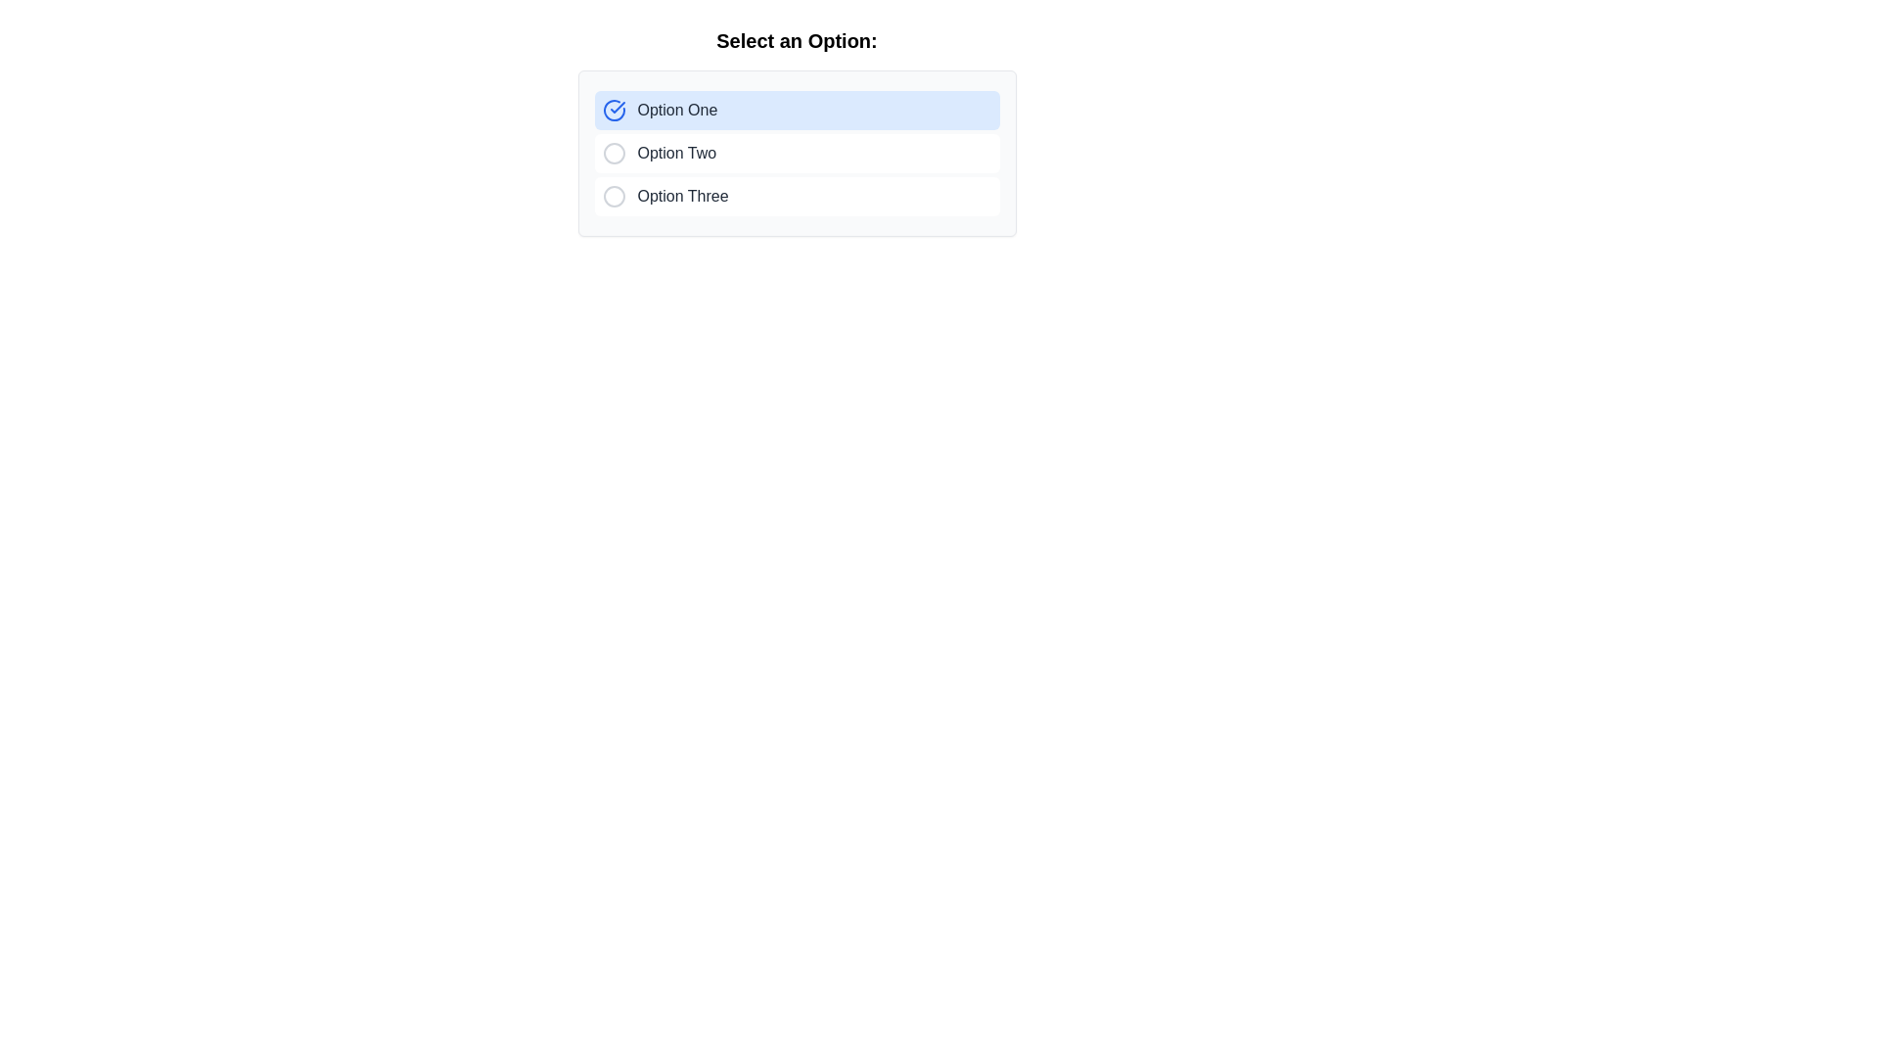 This screenshot has width=1879, height=1057. What do you see at coordinates (613, 196) in the screenshot?
I see `the radio button located to the left of the text 'Option Three'` at bounding box center [613, 196].